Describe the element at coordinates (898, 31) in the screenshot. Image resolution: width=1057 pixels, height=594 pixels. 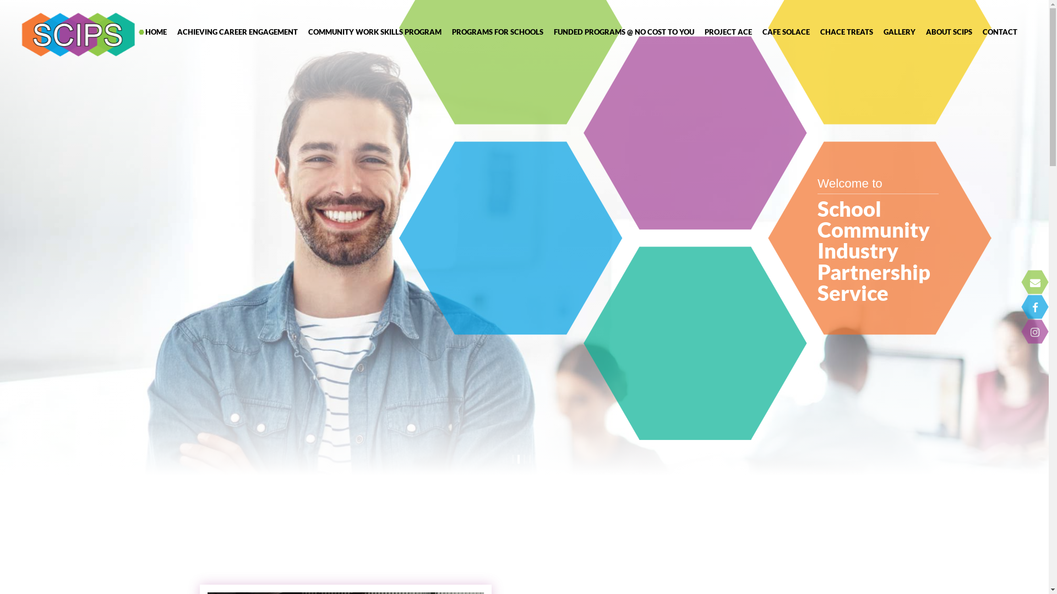
I see `'GALLERY'` at that location.